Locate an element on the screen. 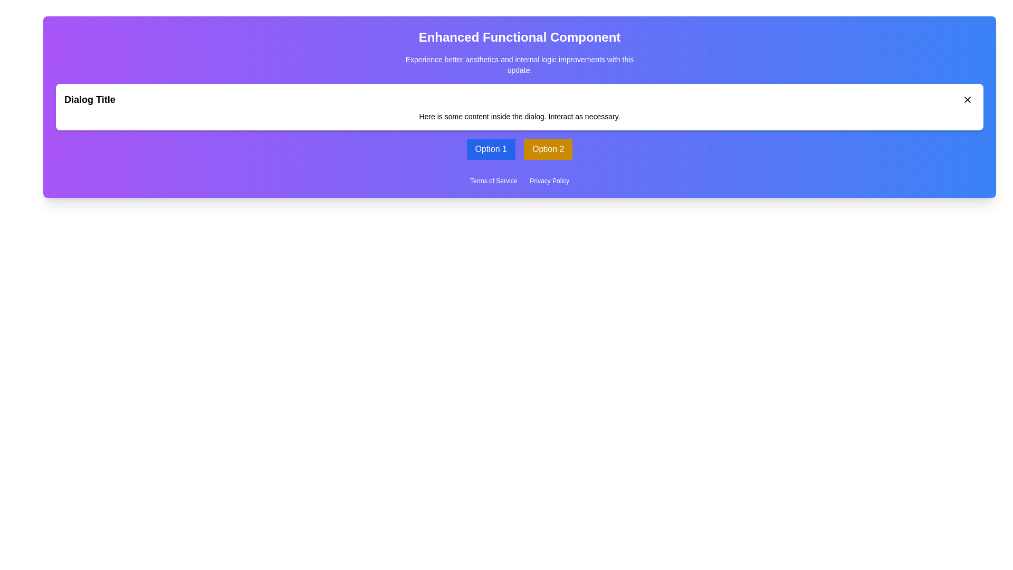 The image size is (1013, 570). the Privacy Policy hyperlink, which is the second link located to the right of 'Terms of Service' in the bottom center section is located at coordinates (549, 180).